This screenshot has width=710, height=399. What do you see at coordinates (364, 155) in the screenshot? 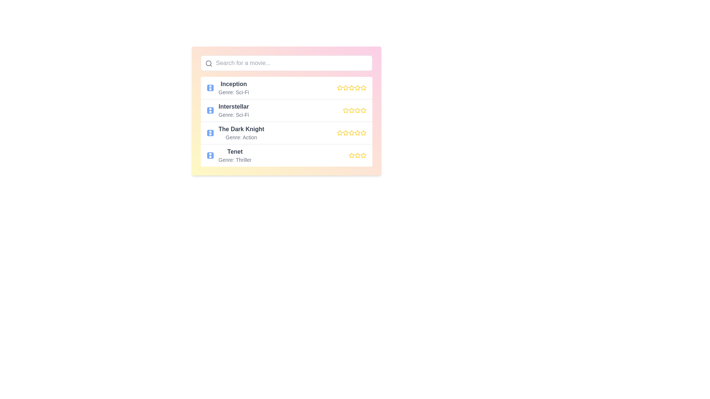
I see `the fifth star icon from the left in the rating section for the movie 'Tenet'` at bounding box center [364, 155].